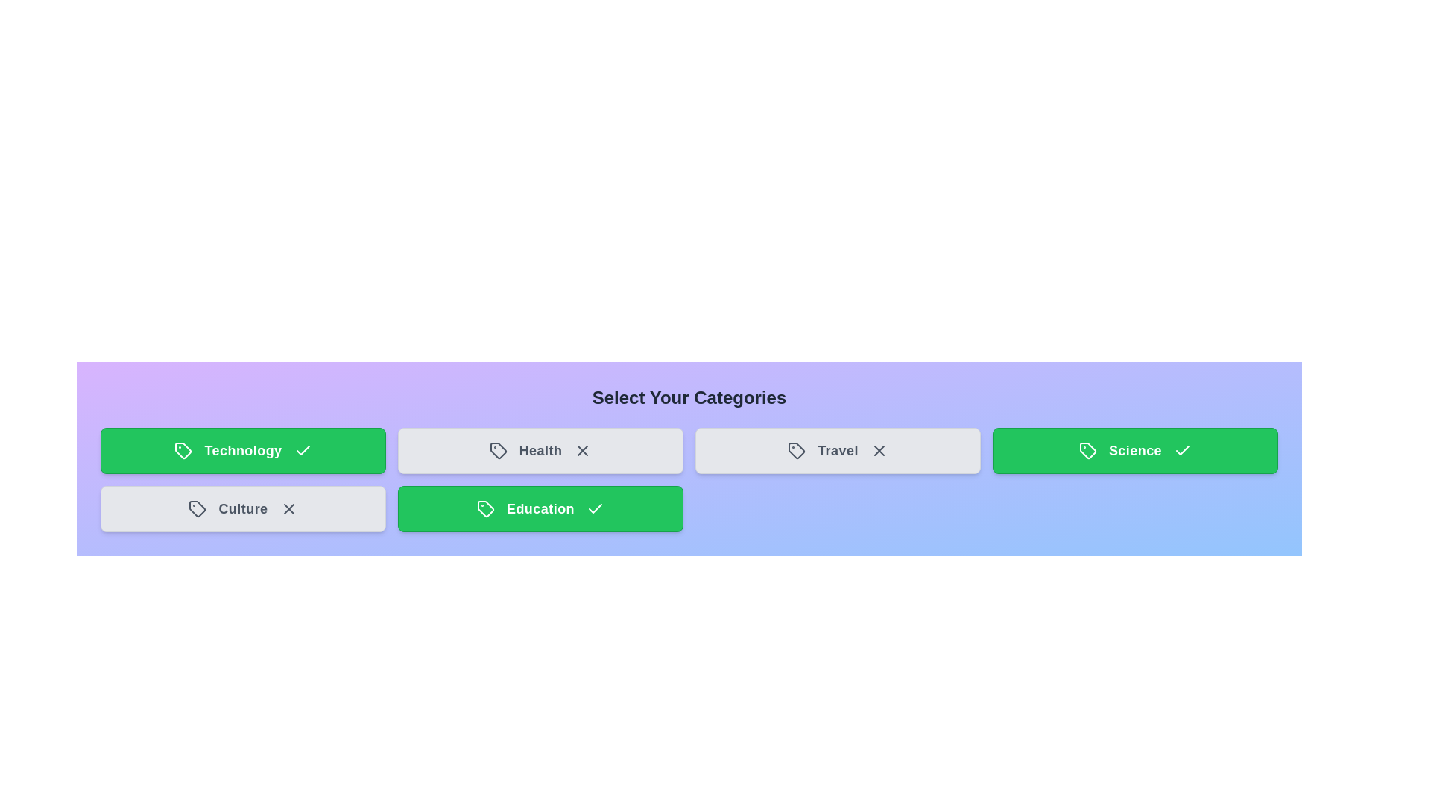 The height and width of the screenshot is (805, 1431). Describe the element at coordinates (540, 508) in the screenshot. I see `the category tile labeled Education` at that location.